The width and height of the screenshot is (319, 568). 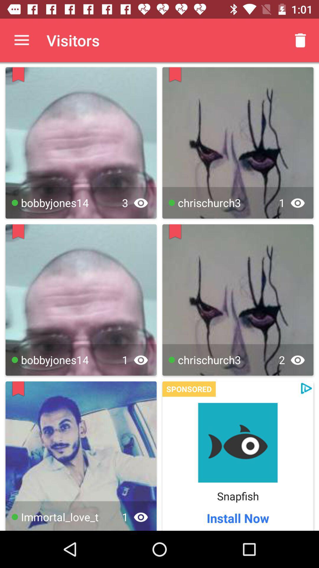 I want to click on the icon to the left of visitors icon, so click(x=21, y=40).